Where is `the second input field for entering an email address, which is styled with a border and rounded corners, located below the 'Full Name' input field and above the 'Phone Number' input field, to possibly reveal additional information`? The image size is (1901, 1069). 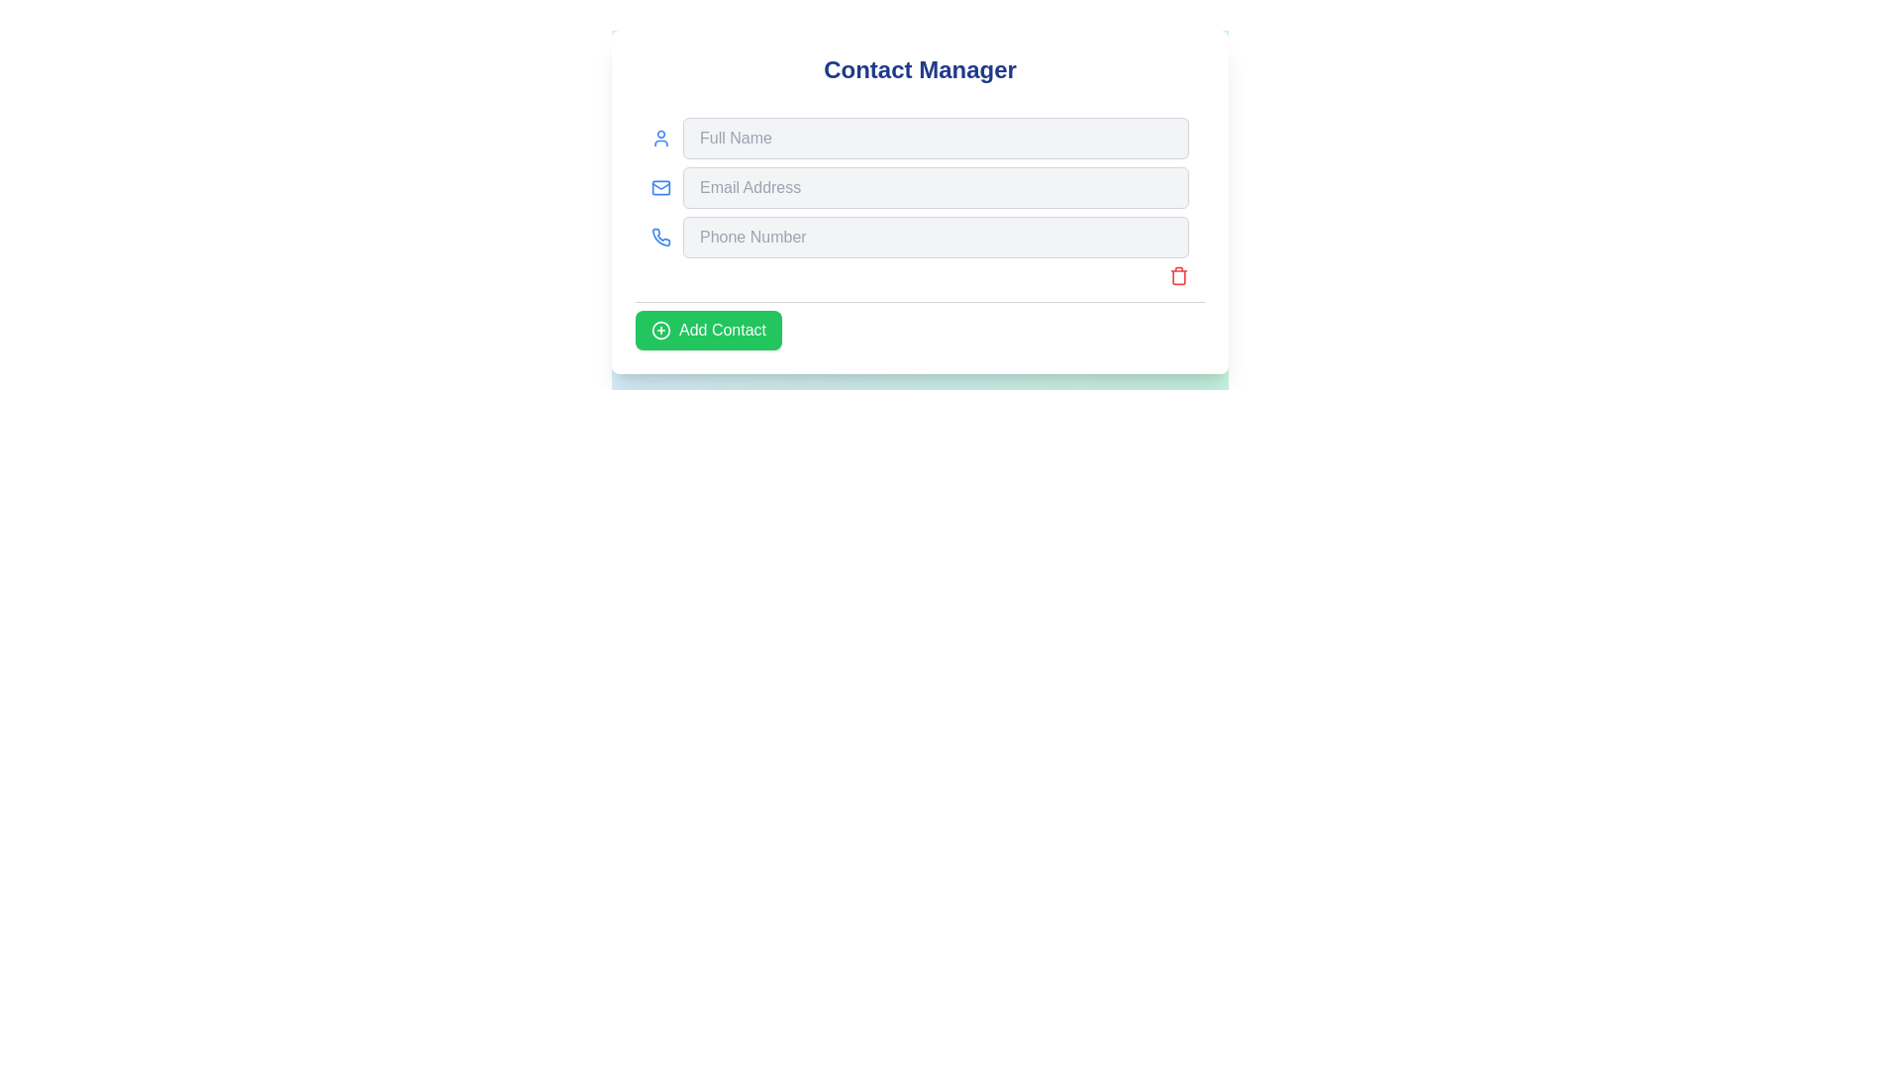
the second input field for entering an email address, which is styled with a border and rounded corners, located below the 'Full Name' input field and above the 'Phone Number' input field, to possibly reveal additional information is located at coordinates (919, 187).